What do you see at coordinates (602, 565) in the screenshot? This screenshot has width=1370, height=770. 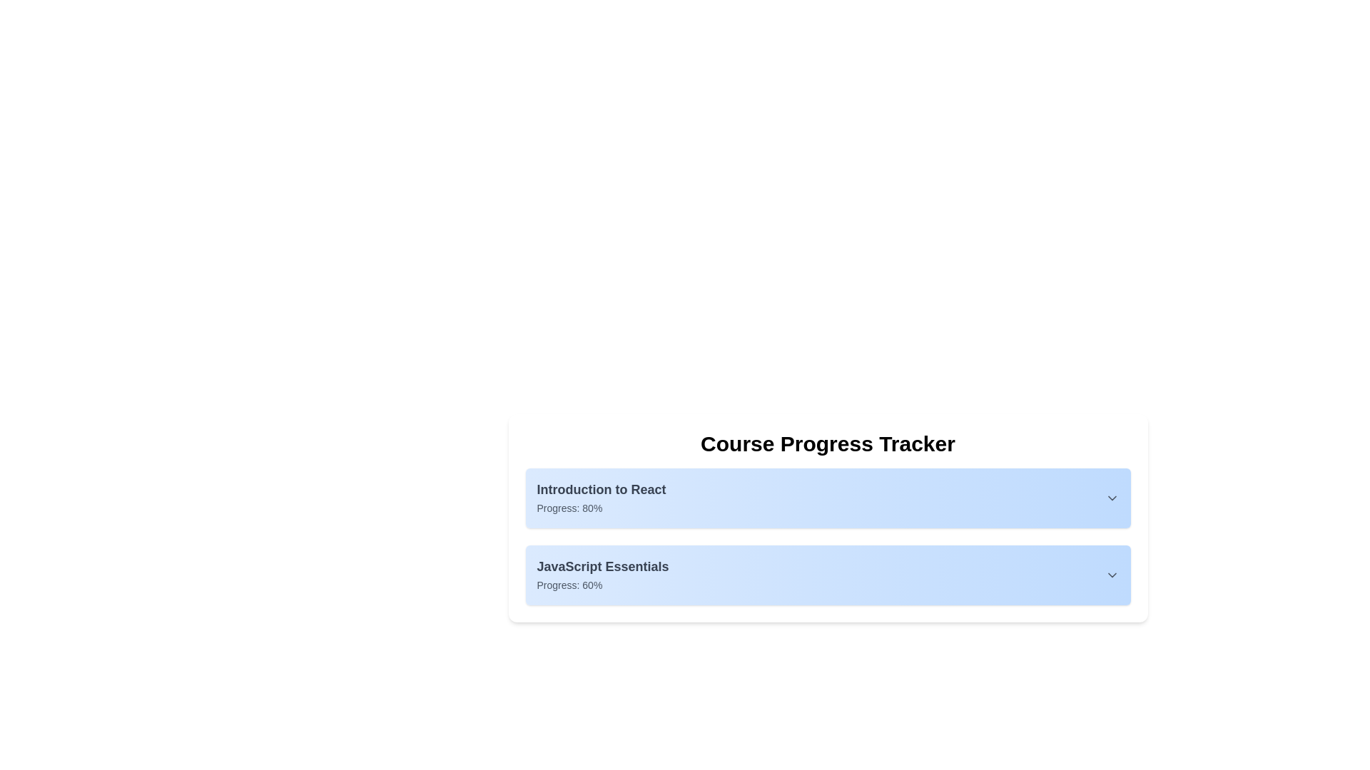 I see `the text label displaying 'JavaScript Essentials', which is the second item in the vertical course progress tracker with a light blue background` at bounding box center [602, 565].